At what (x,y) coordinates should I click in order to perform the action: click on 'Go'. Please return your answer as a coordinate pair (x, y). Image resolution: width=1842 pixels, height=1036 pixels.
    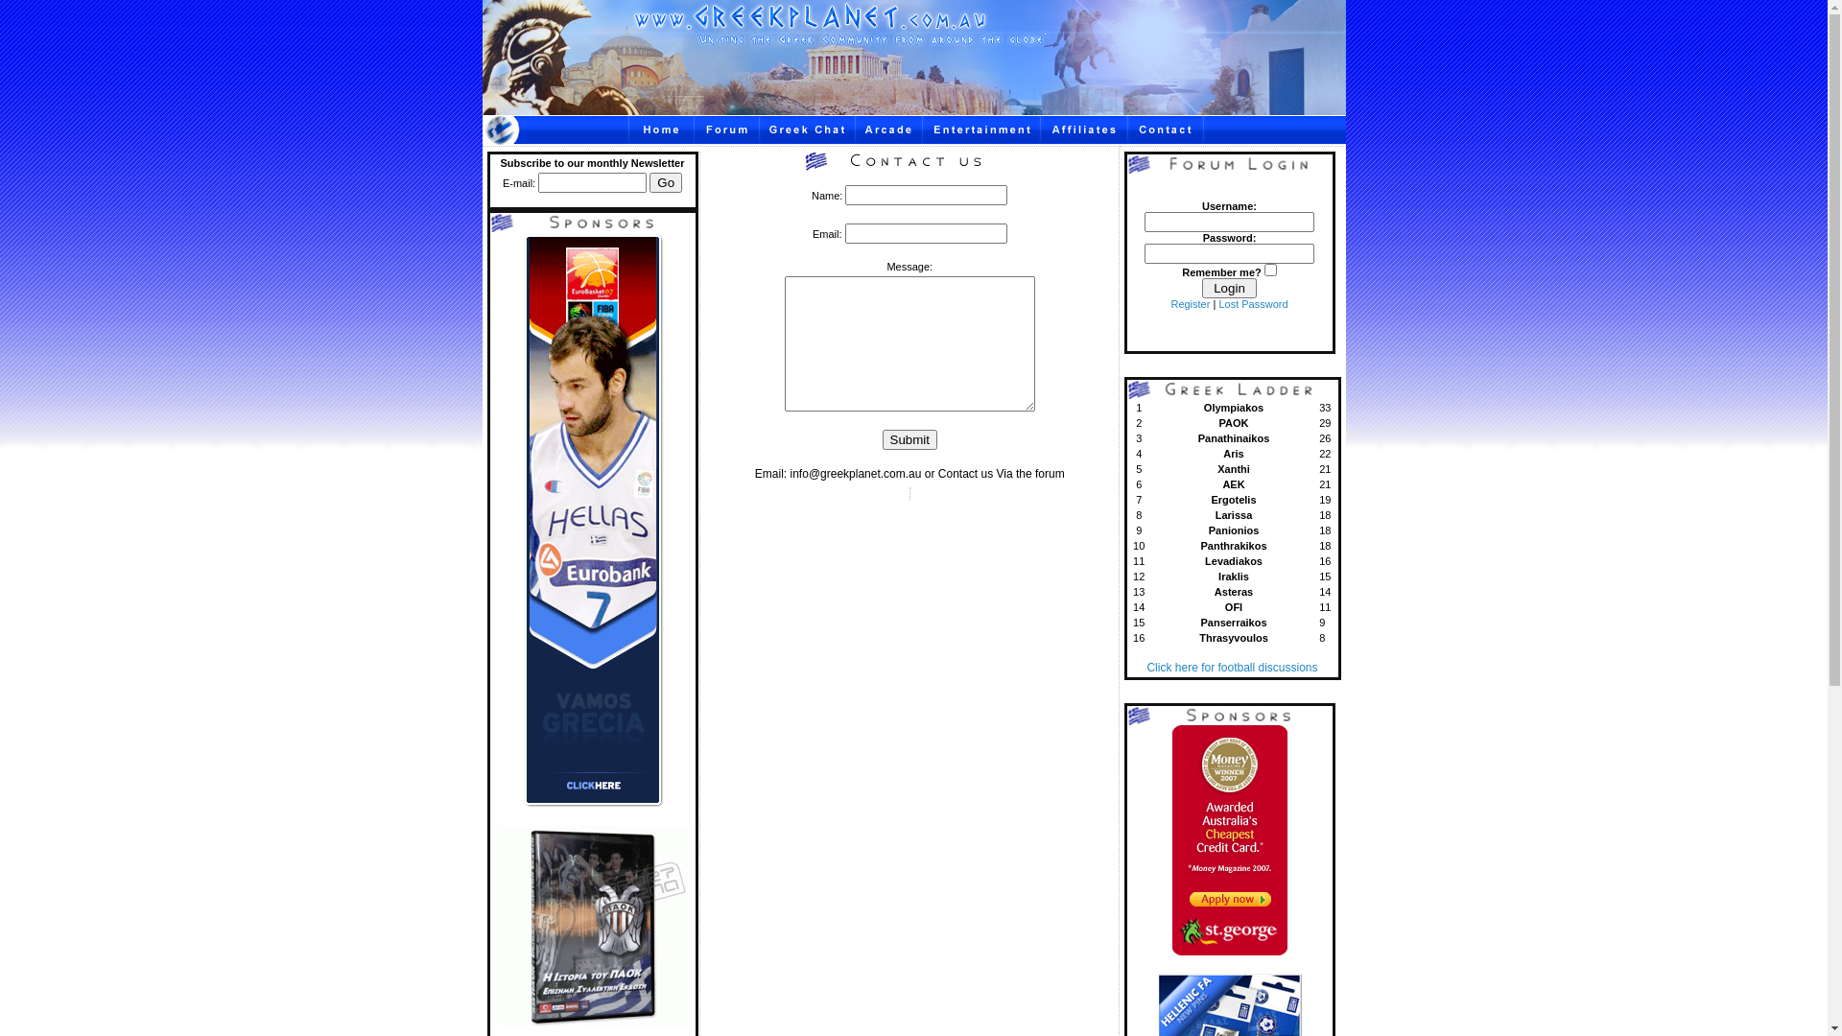
    Looking at the image, I should click on (666, 182).